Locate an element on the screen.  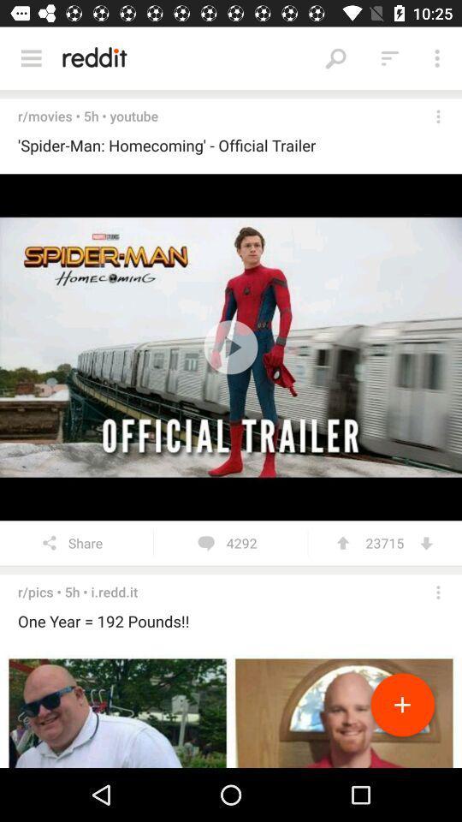
item to the right of the 23715 is located at coordinates (425, 542).